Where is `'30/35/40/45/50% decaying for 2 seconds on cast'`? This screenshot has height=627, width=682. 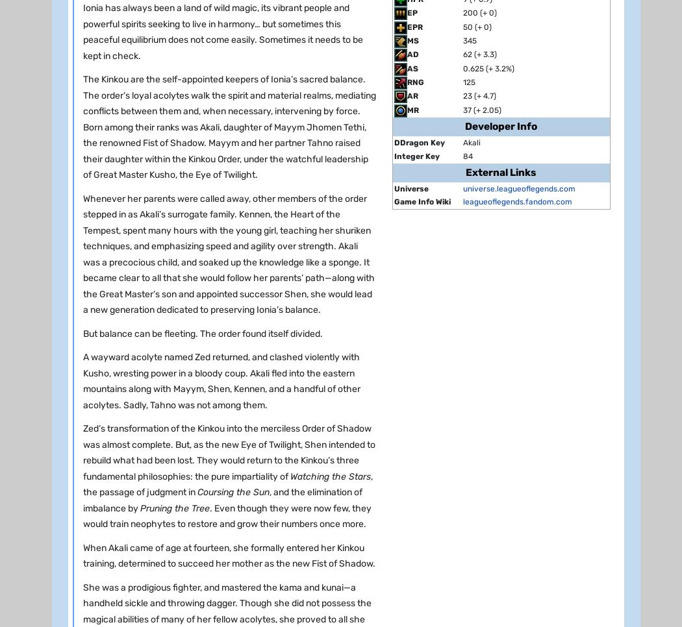 '30/35/40/45/50% decaying for 2 seconds on cast' is located at coordinates (218, 108).